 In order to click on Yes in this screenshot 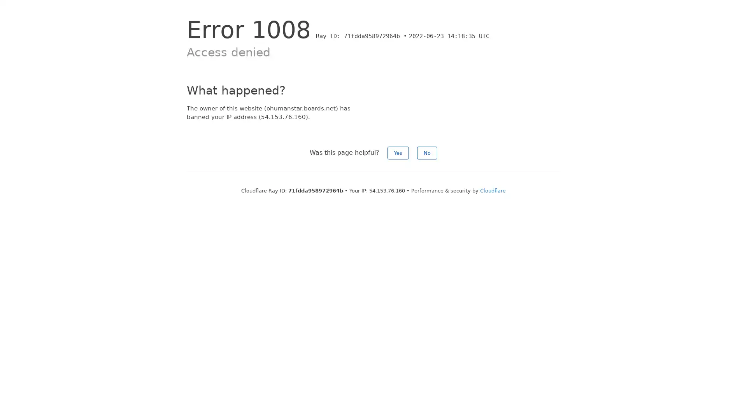, I will do `click(398, 152)`.